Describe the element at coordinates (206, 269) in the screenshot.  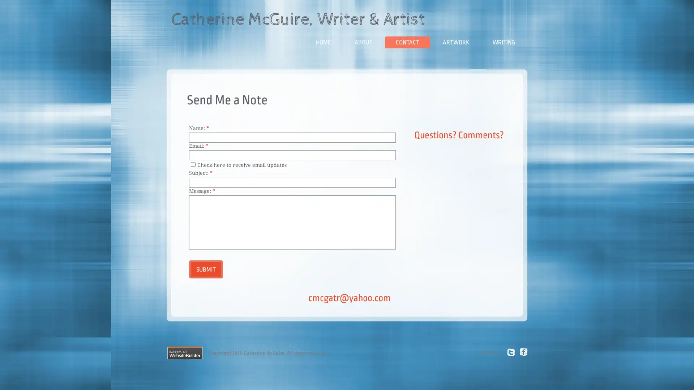
I see `Submit` at that location.